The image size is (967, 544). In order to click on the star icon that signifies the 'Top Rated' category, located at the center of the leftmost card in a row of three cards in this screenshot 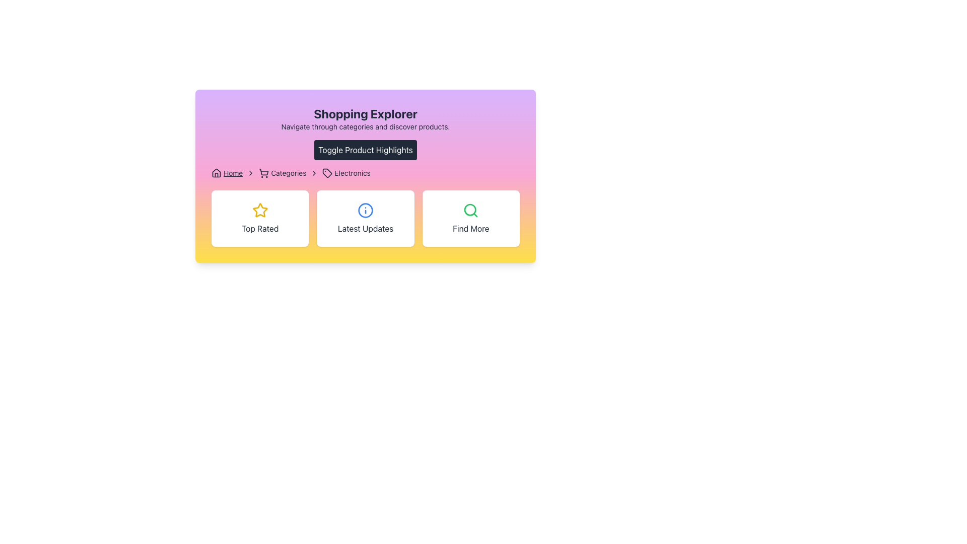, I will do `click(260, 210)`.